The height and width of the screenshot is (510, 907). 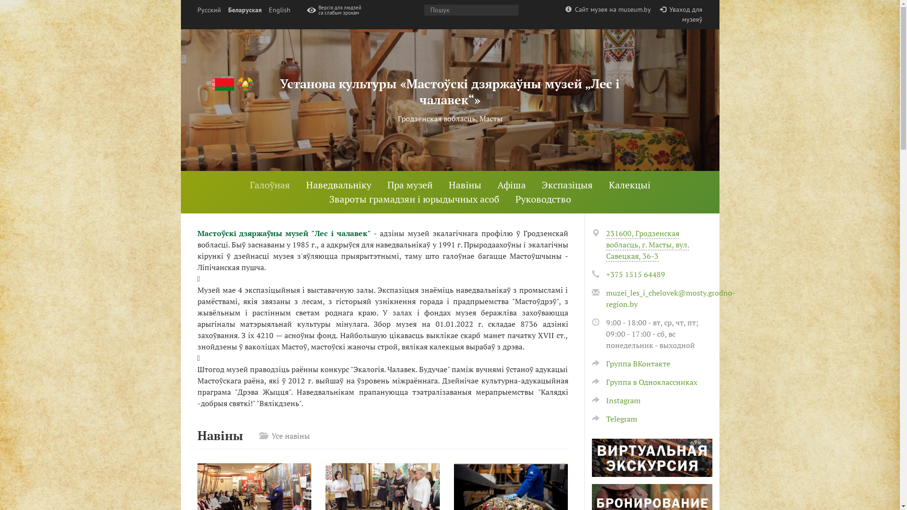 What do you see at coordinates (614, 418) in the screenshot?
I see `'Telegram'` at bounding box center [614, 418].